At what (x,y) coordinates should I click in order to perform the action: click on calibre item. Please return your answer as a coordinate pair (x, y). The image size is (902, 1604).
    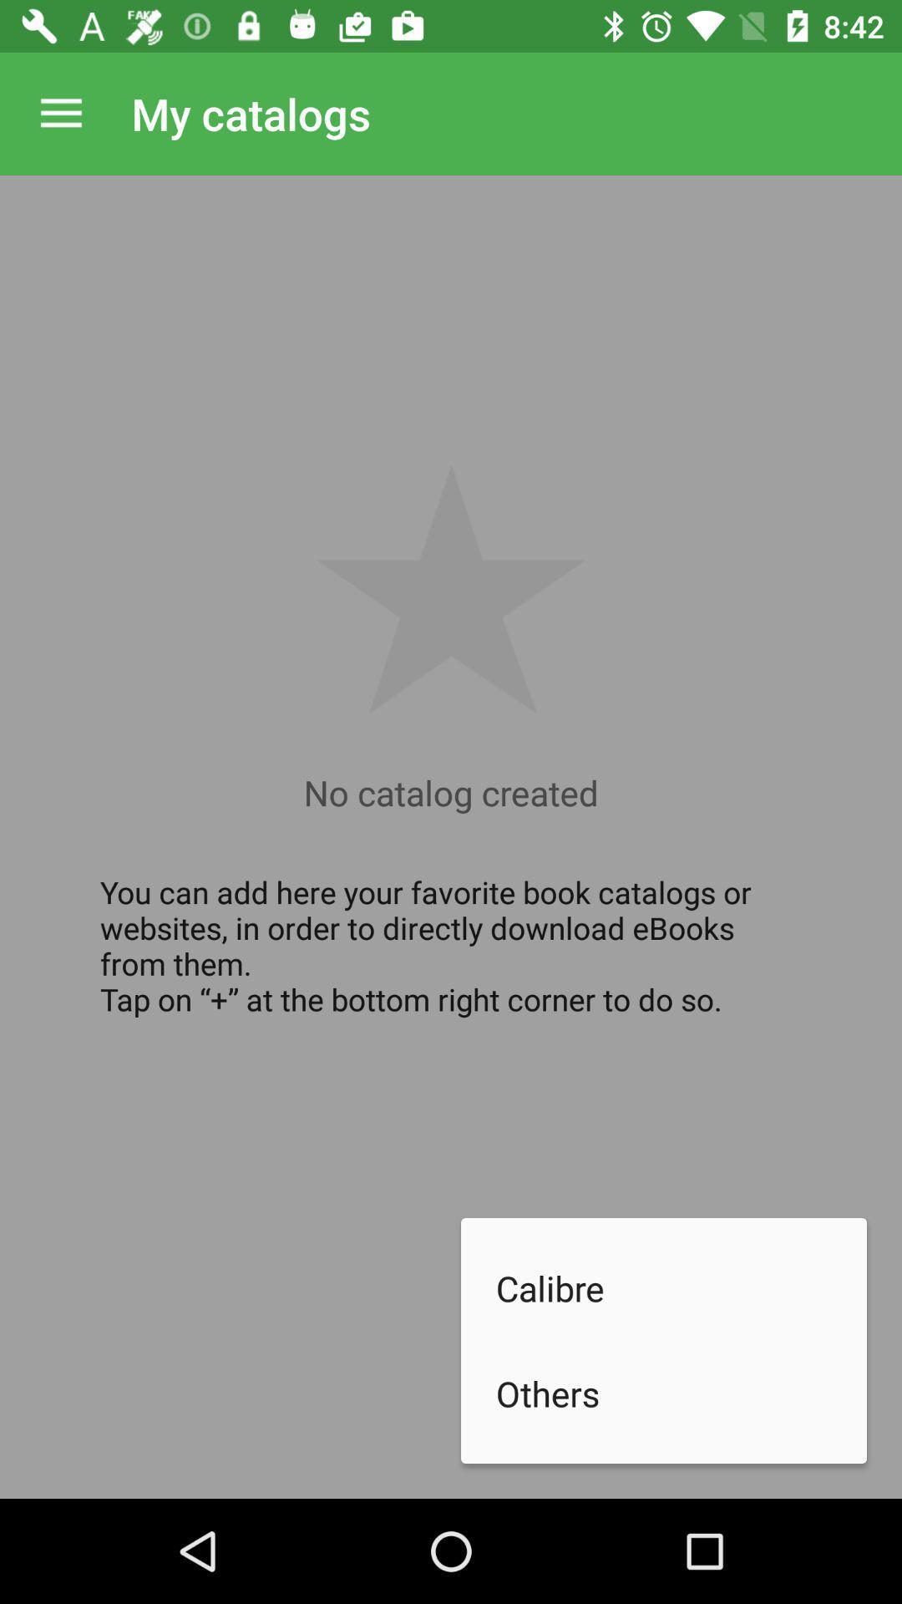
    Looking at the image, I should click on (682, 1287).